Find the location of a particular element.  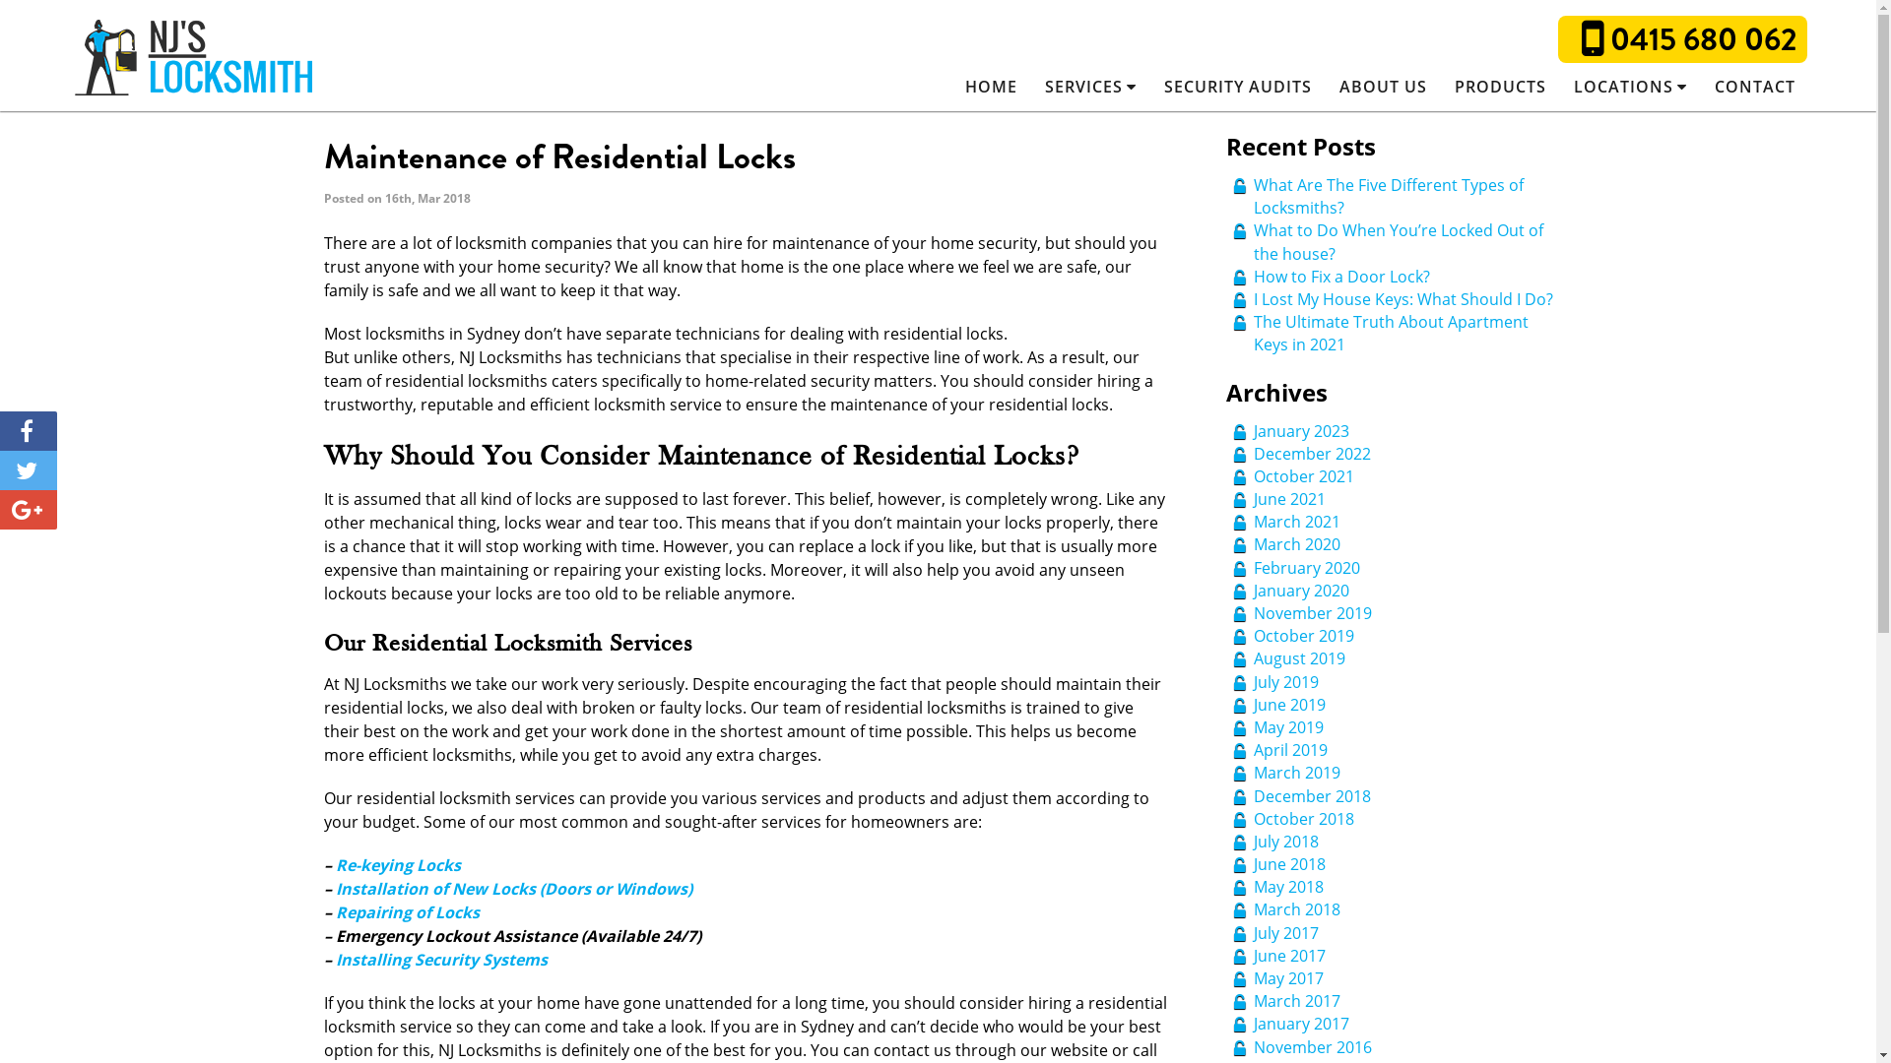

'December 2022' is located at coordinates (1311, 454).